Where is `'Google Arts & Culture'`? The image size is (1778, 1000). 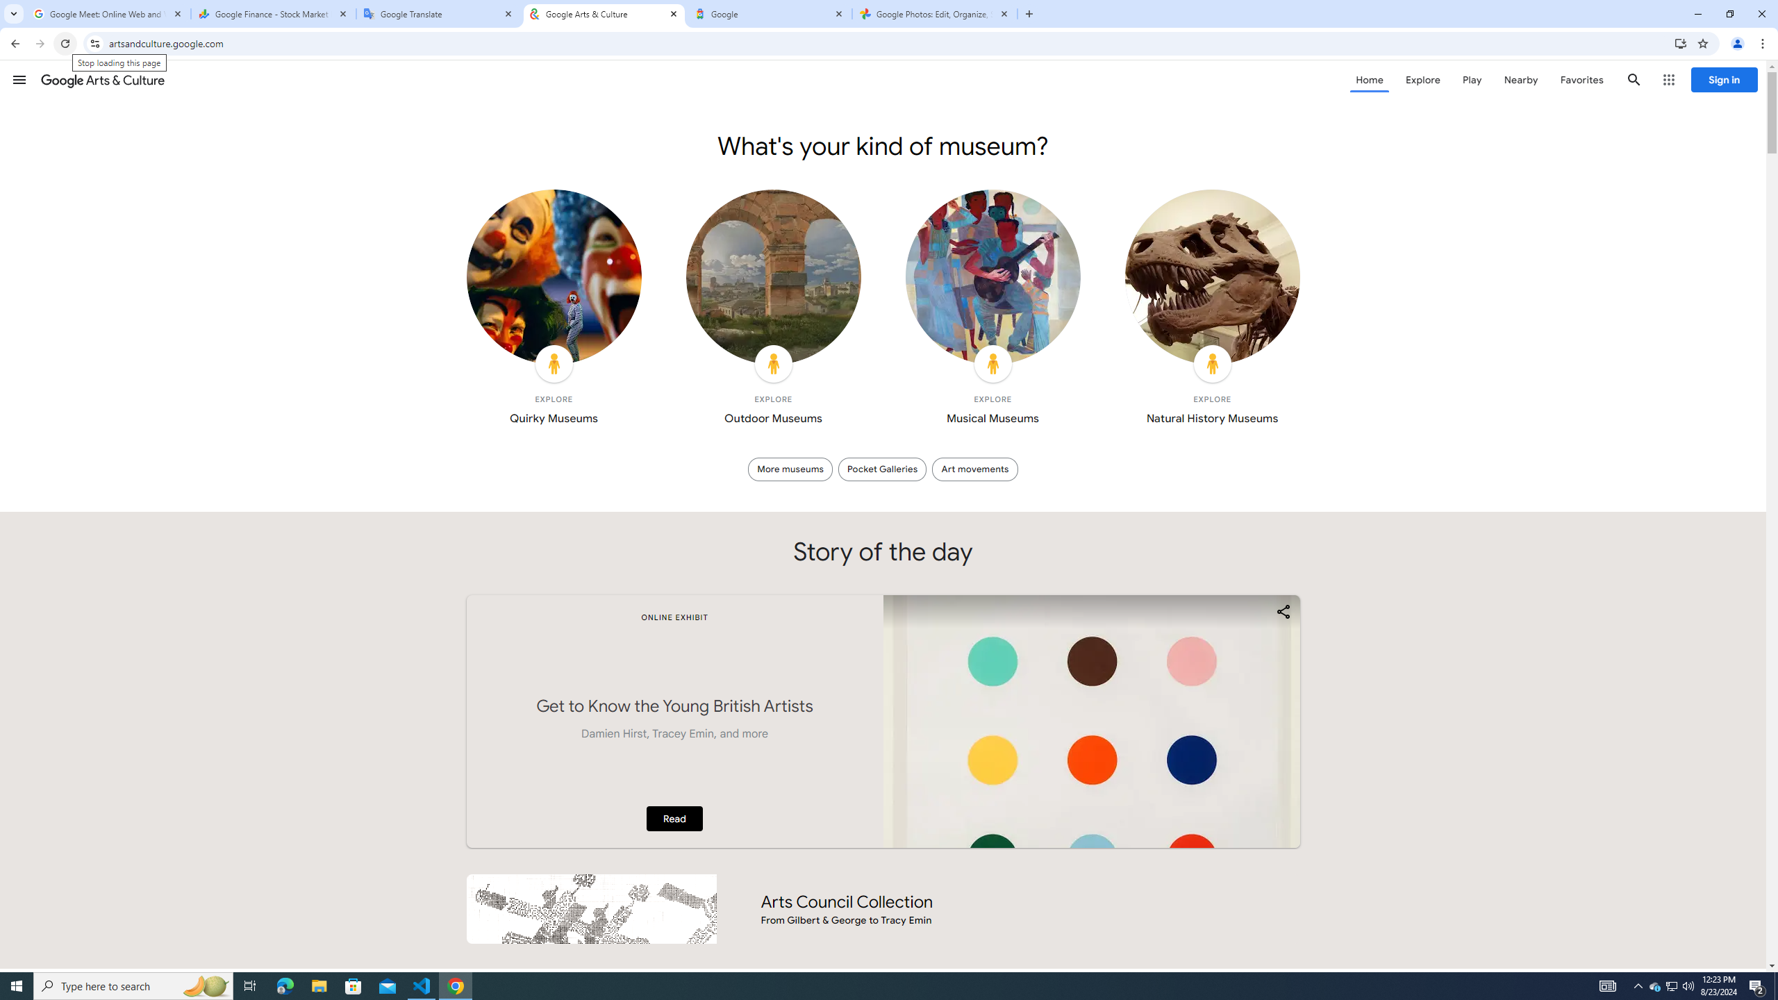 'Google Arts & Culture' is located at coordinates (102, 79).